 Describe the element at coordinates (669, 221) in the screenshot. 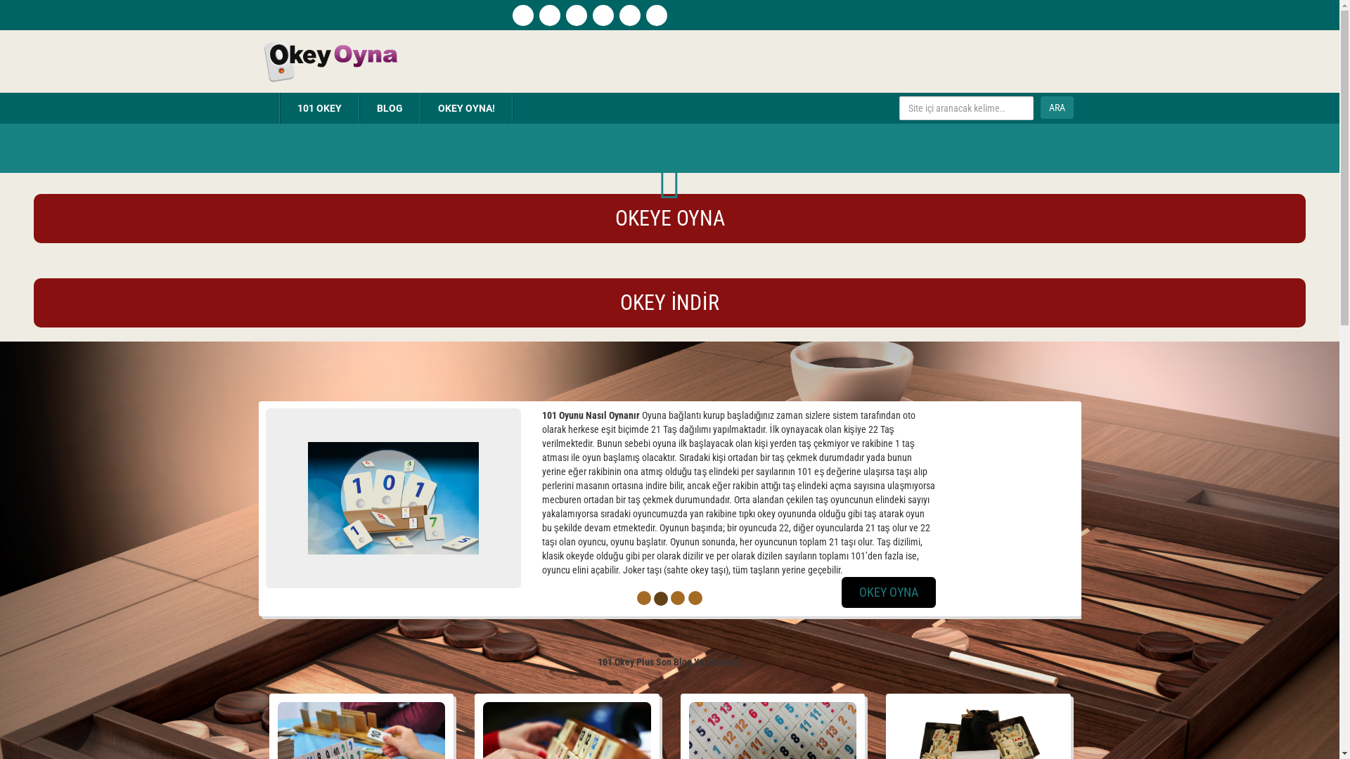

I see `'OKEYE OYNA'` at that location.